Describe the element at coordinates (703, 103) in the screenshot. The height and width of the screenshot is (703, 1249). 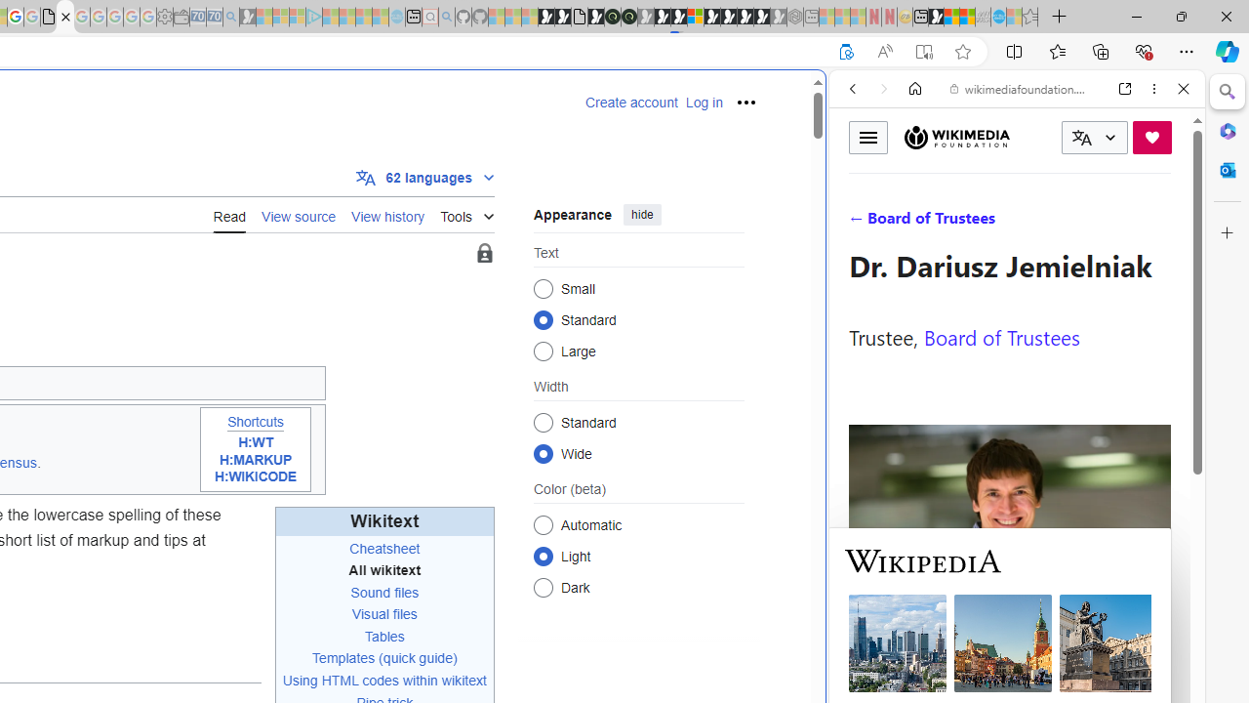
I see `'Log in'` at that location.